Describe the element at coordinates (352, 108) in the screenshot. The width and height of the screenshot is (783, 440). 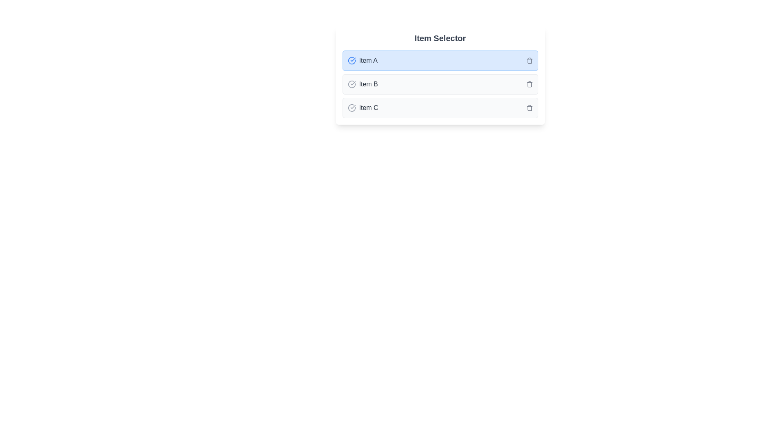
I see `the graphical state represented by the Status indicator icon located to the left of the text label in the third row labeled 'Item C'` at that location.